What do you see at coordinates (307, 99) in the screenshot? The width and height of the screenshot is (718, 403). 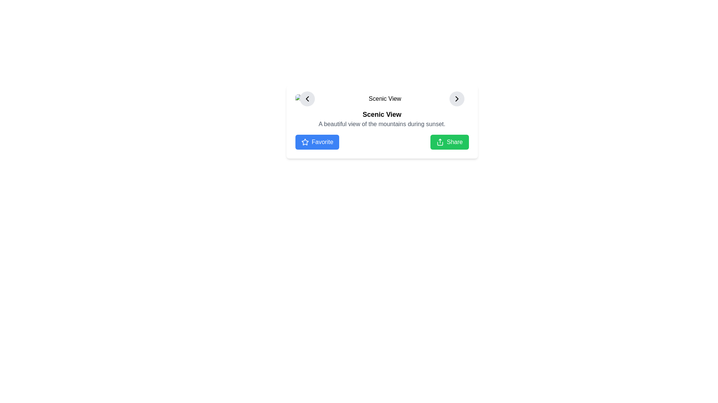 I see `the chevron icon located in the top-left corner of the card element` at bounding box center [307, 99].